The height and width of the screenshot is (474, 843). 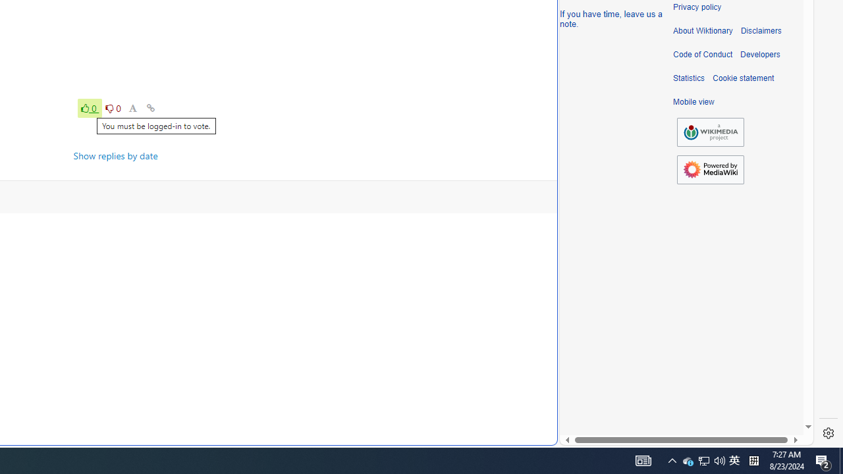 I want to click on 'Mobile view', so click(x=693, y=101).